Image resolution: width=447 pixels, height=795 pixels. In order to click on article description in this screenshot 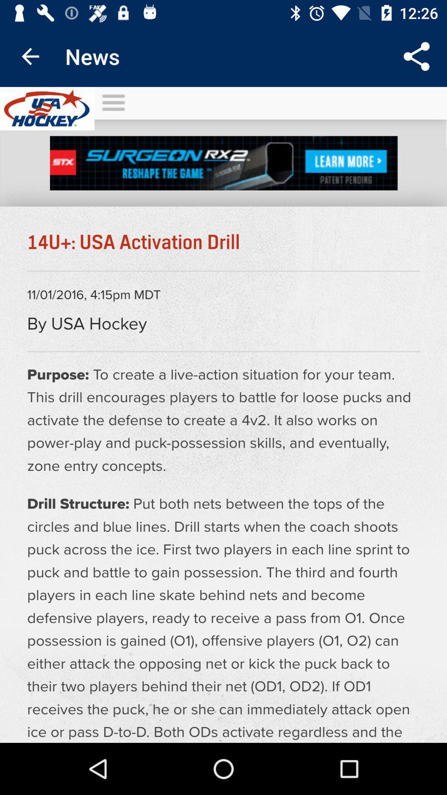, I will do `click(223, 415)`.